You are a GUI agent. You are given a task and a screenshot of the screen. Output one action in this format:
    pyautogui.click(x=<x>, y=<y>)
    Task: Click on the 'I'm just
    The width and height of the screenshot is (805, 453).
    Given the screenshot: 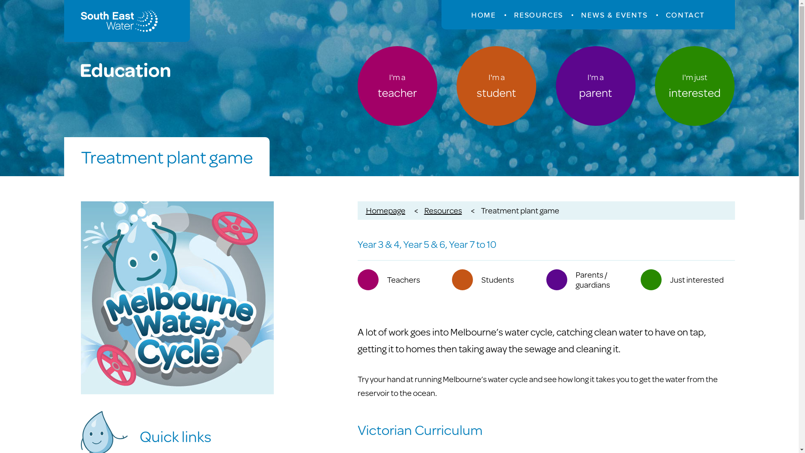 What is the action you would take?
    pyautogui.click(x=694, y=86)
    